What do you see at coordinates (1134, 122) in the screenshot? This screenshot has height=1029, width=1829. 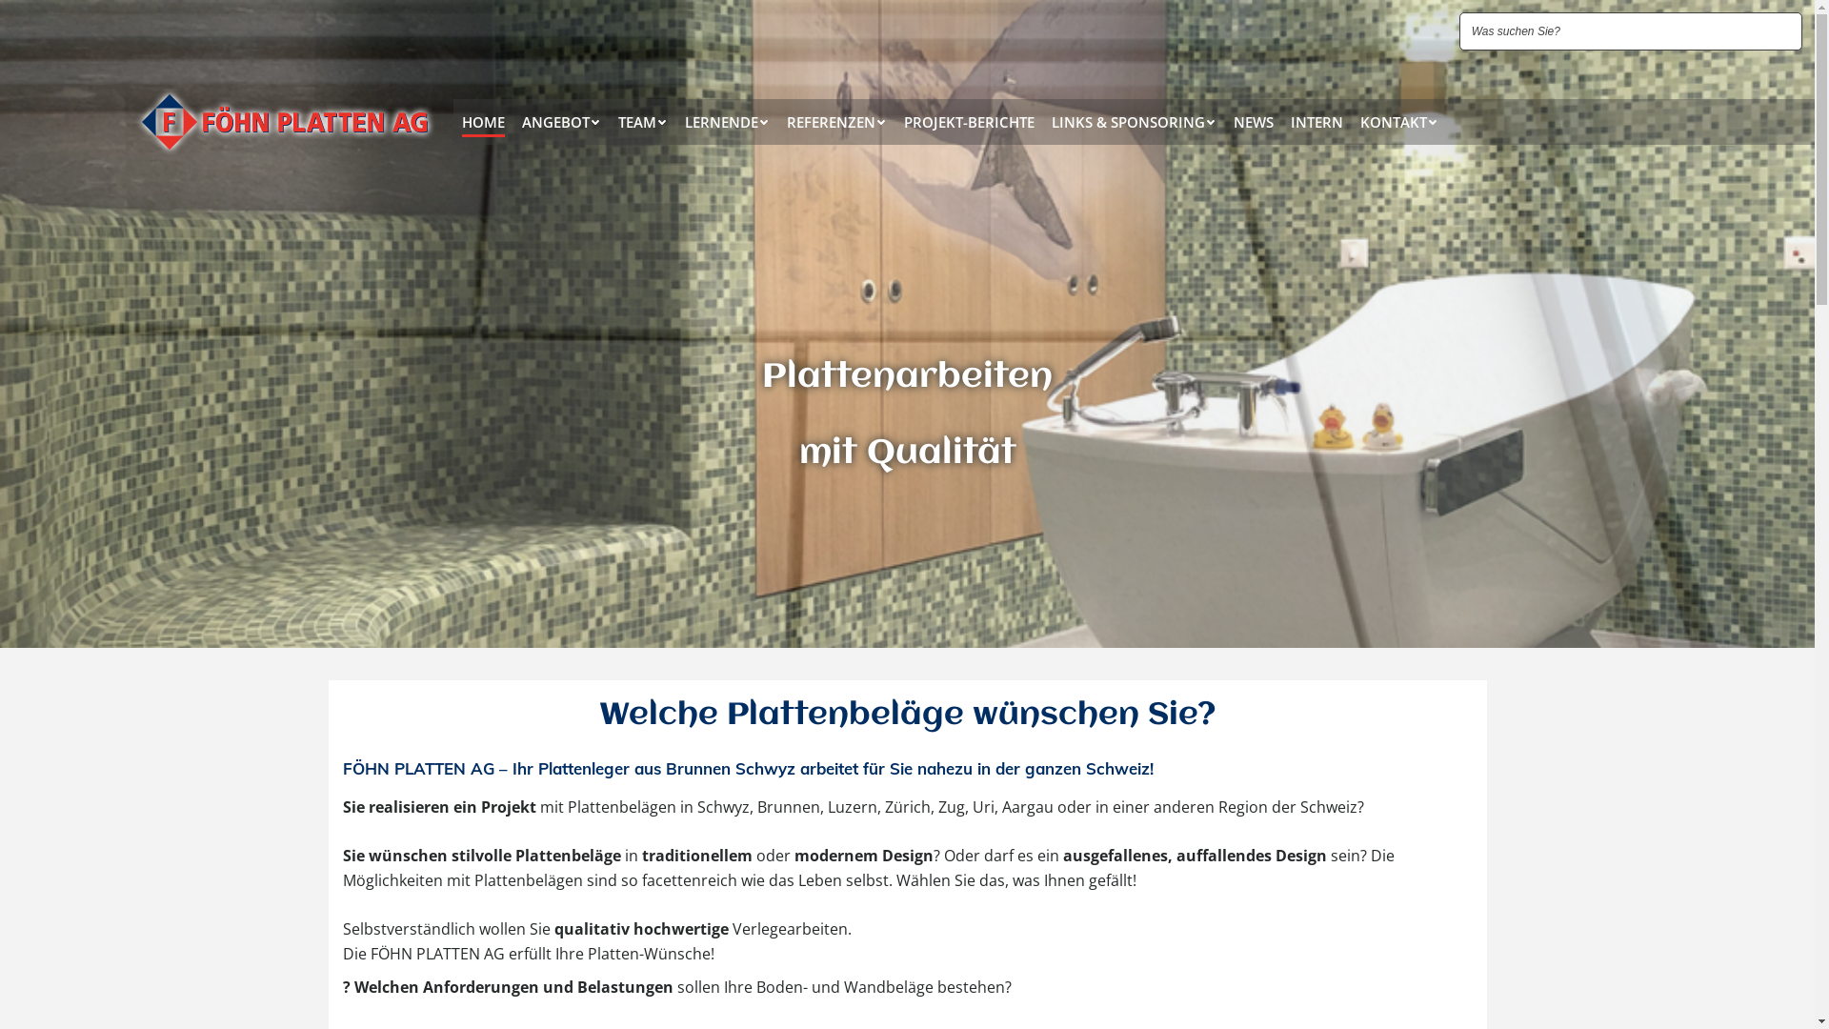 I see `'LINKS & SPONSORING'` at bounding box center [1134, 122].